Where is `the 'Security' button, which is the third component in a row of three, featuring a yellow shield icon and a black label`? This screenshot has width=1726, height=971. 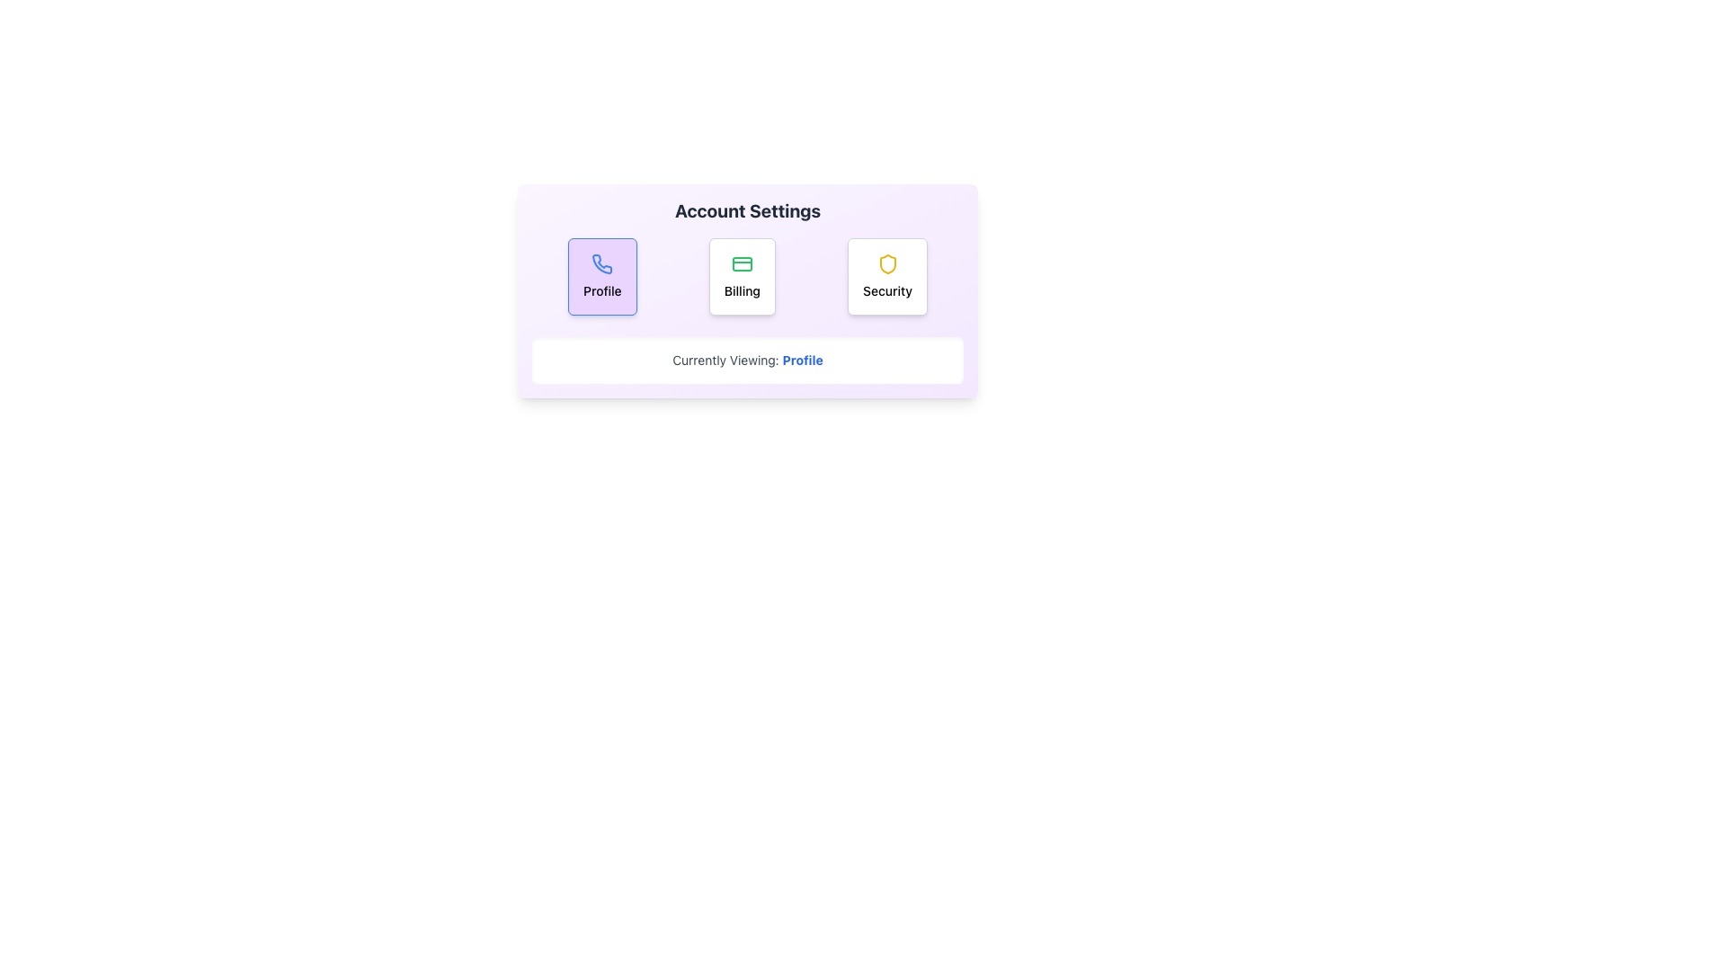 the 'Security' button, which is the third component in a row of three, featuring a yellow shield icon and a black label is located at coordinates (887, 277).